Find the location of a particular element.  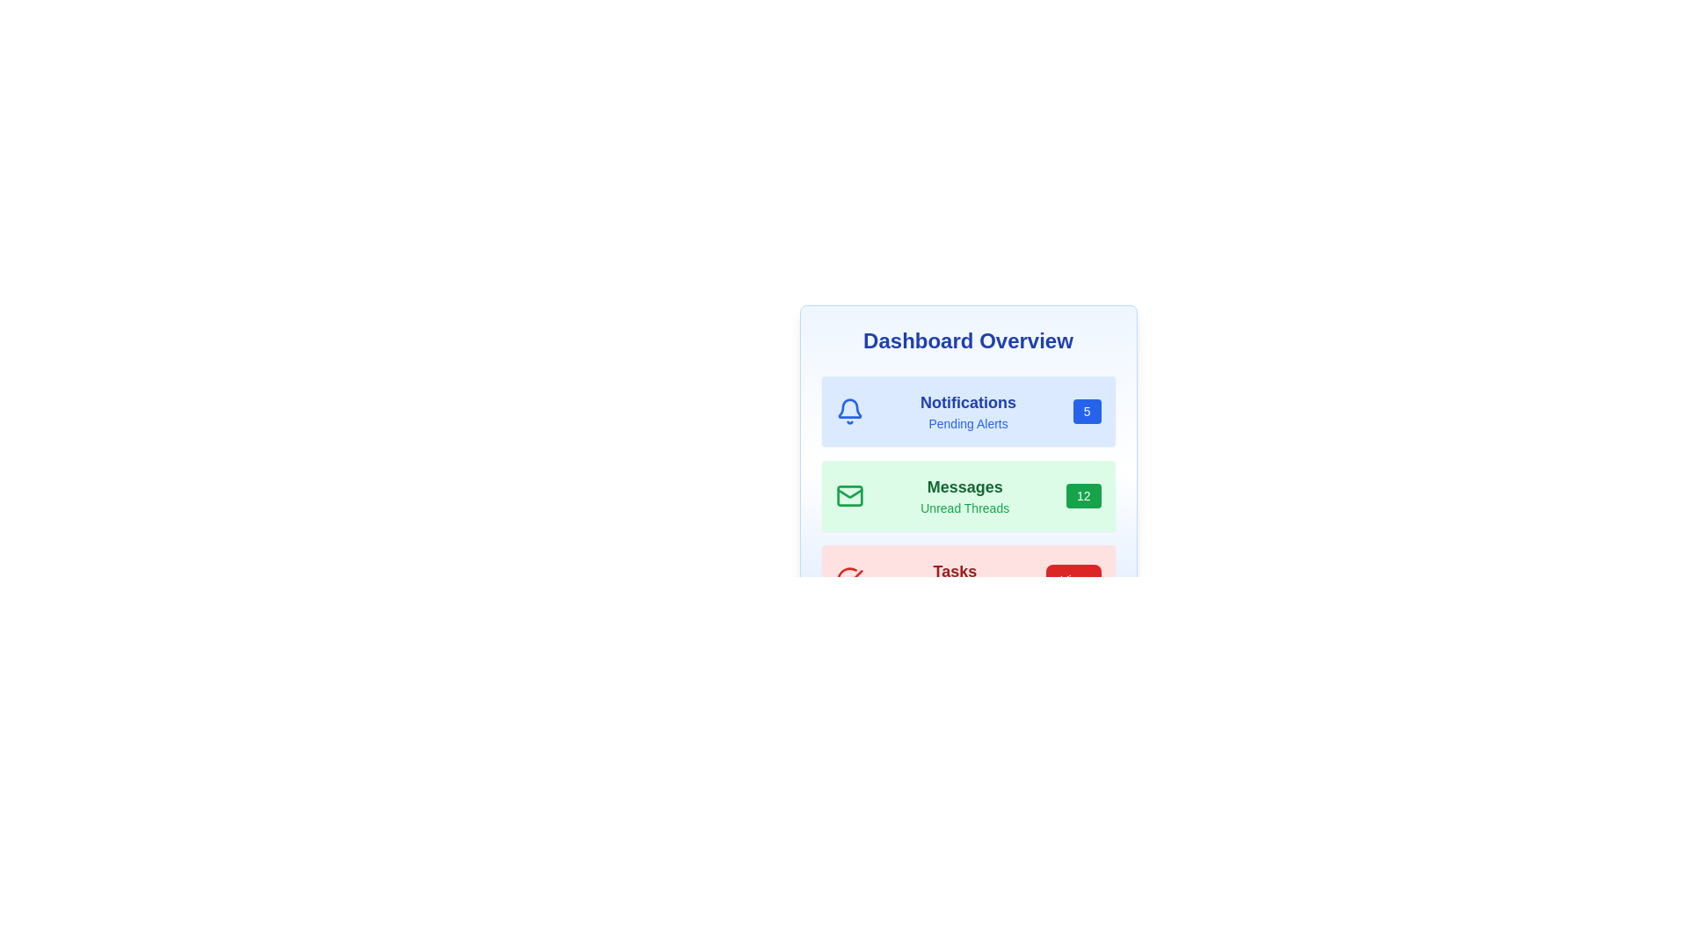

the descriptive label text that displays 'Messages' in bold dark green font, followed by 'Unread Threads' in smaller light green font, located within a green rounded rectangular card is located at coordinates (964, 495).